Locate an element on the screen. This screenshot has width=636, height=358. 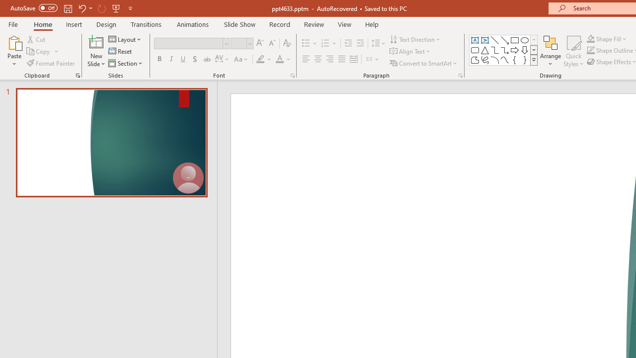
'Bold' is located at coordinates (159, 59).